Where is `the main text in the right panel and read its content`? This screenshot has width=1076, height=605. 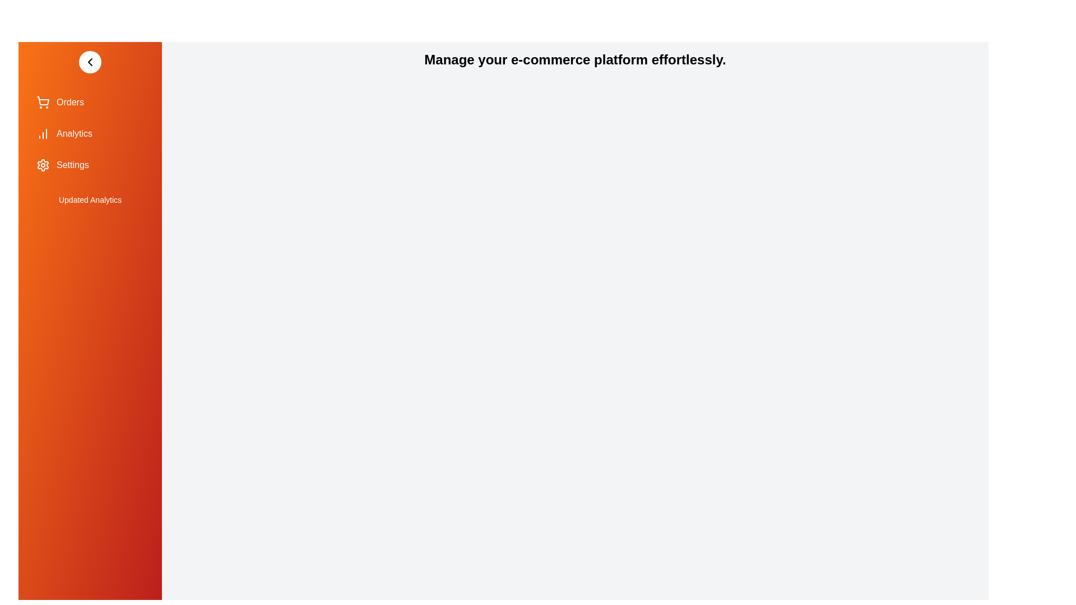
the main text in the right panel and read its content is located at coordinates (575, 60).